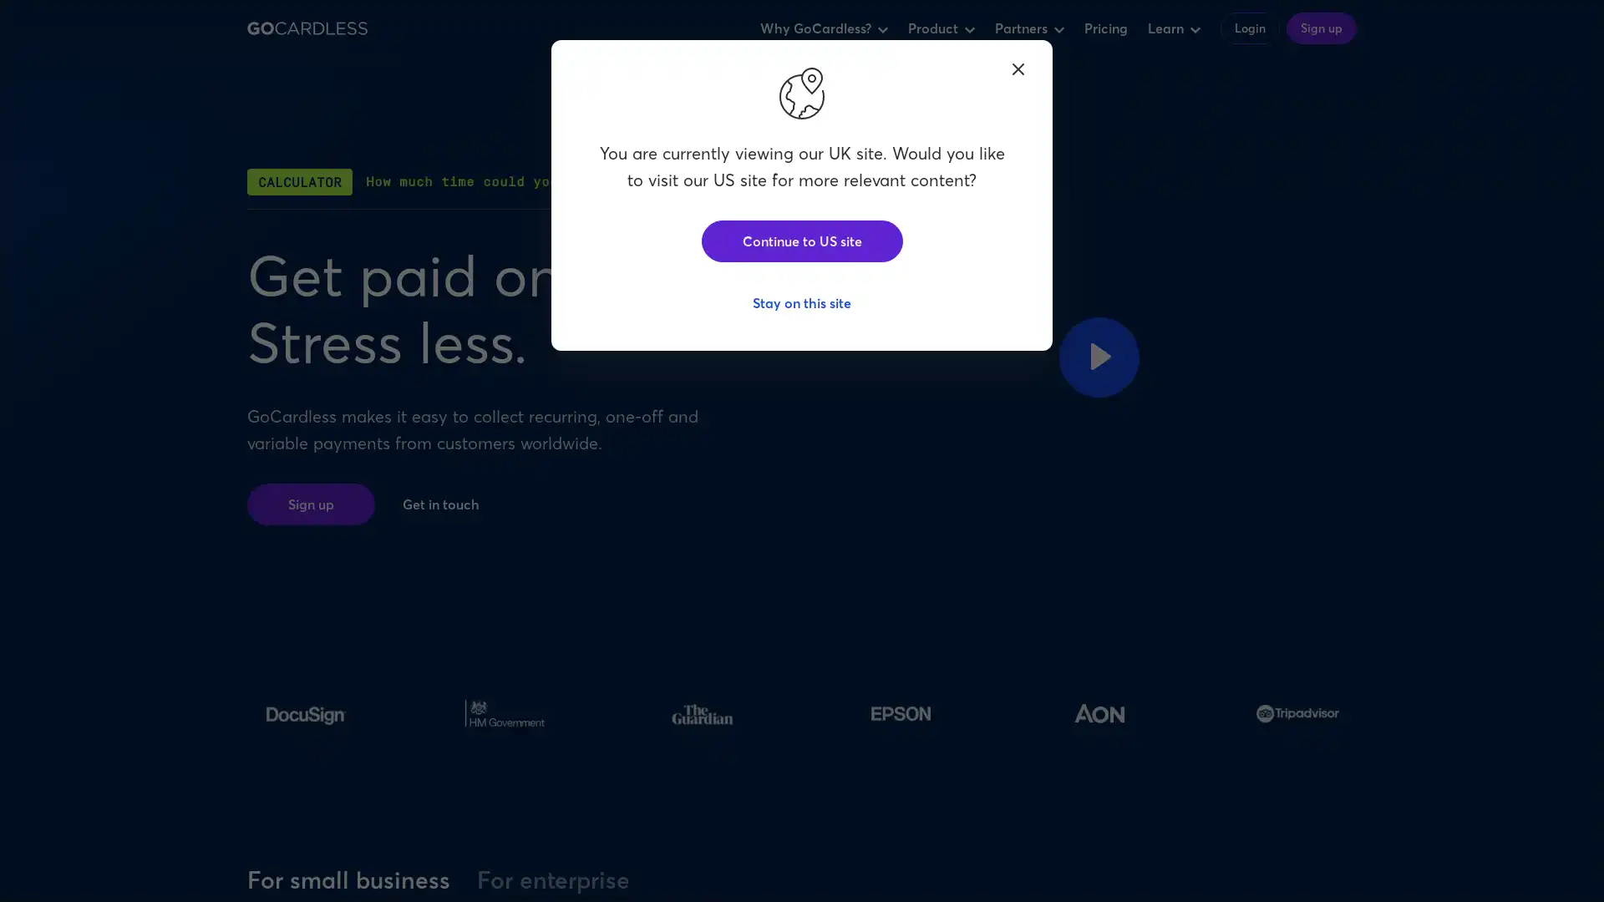  What do you see at coordinates (1028, 28) in the screenshot?
I see `Partners` at bounding box center [1028, 28].